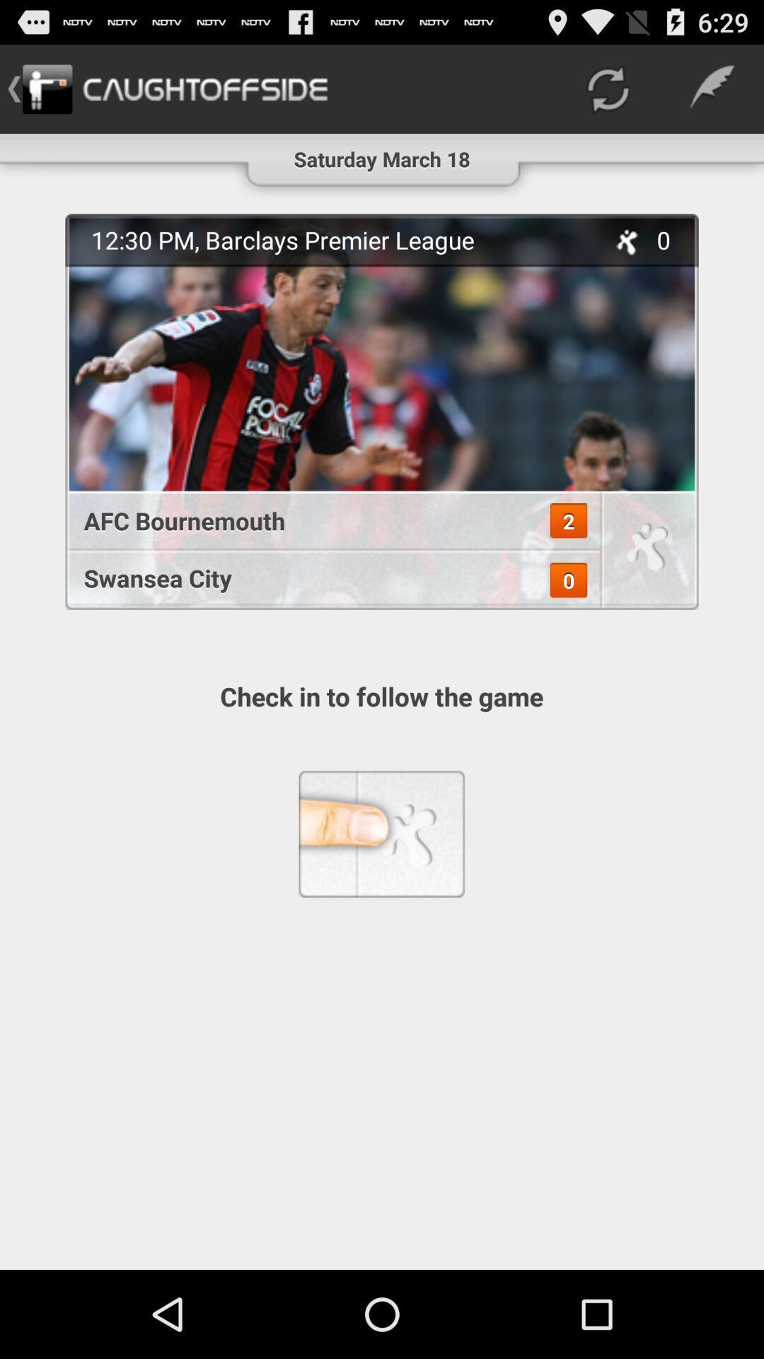  What do you see at coordinates (325, 578) in the screenshot?
I see `swansea city icon` at bounding box center [325, 578].